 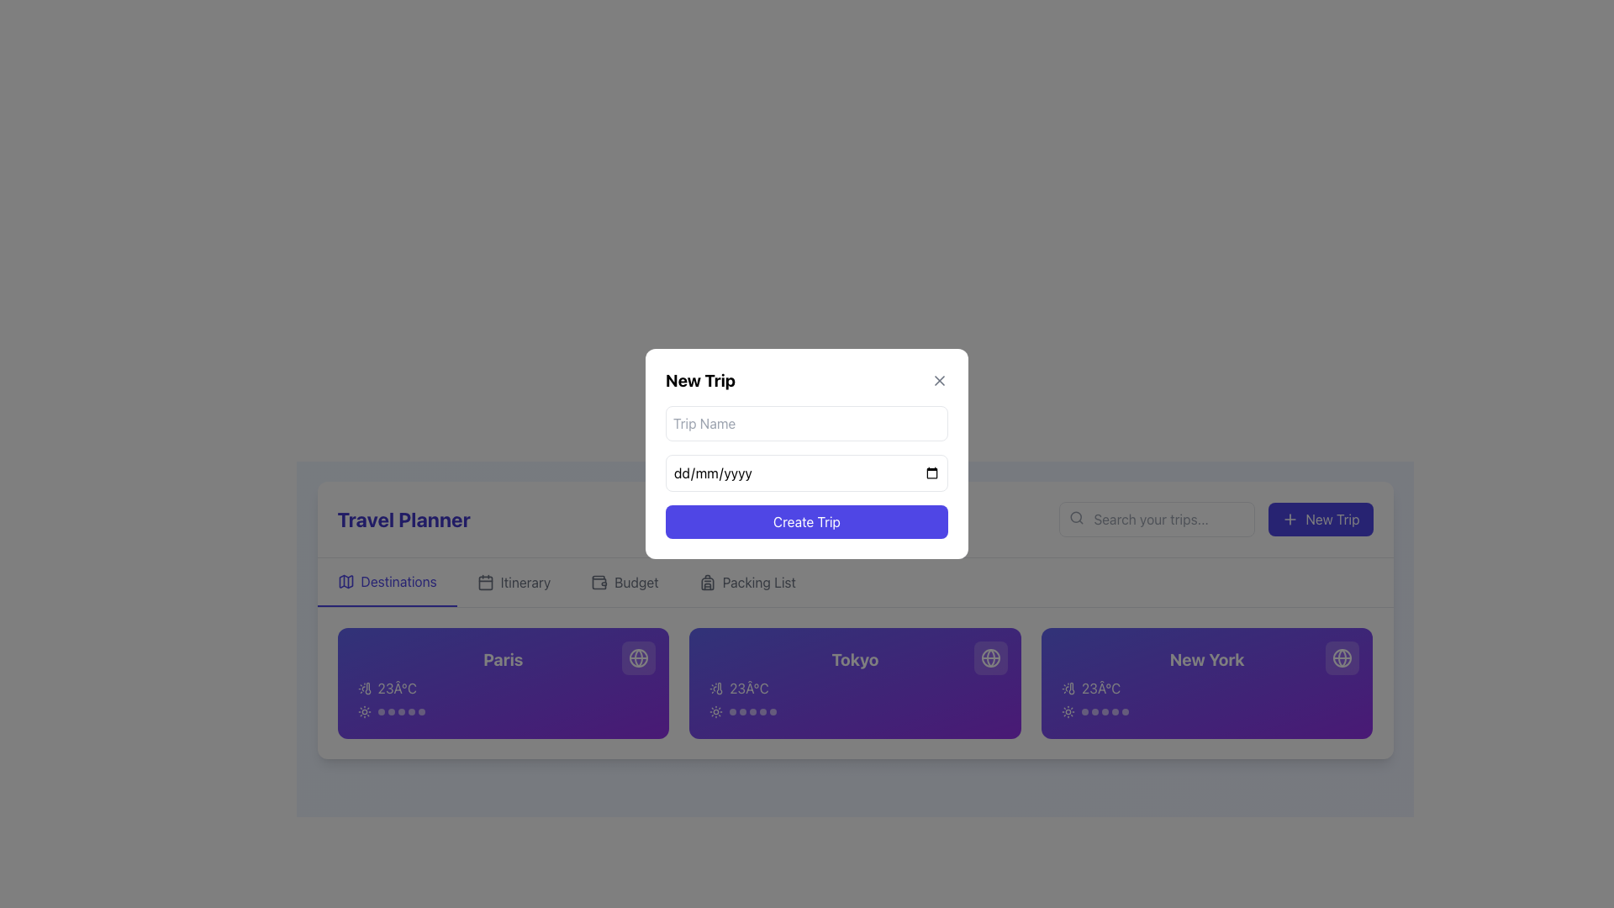 I want to click on the wallet icon located to the left of the 'Budget' text in the navigation bar below the 'Travel Planner' header, so click(x=599, y=582).